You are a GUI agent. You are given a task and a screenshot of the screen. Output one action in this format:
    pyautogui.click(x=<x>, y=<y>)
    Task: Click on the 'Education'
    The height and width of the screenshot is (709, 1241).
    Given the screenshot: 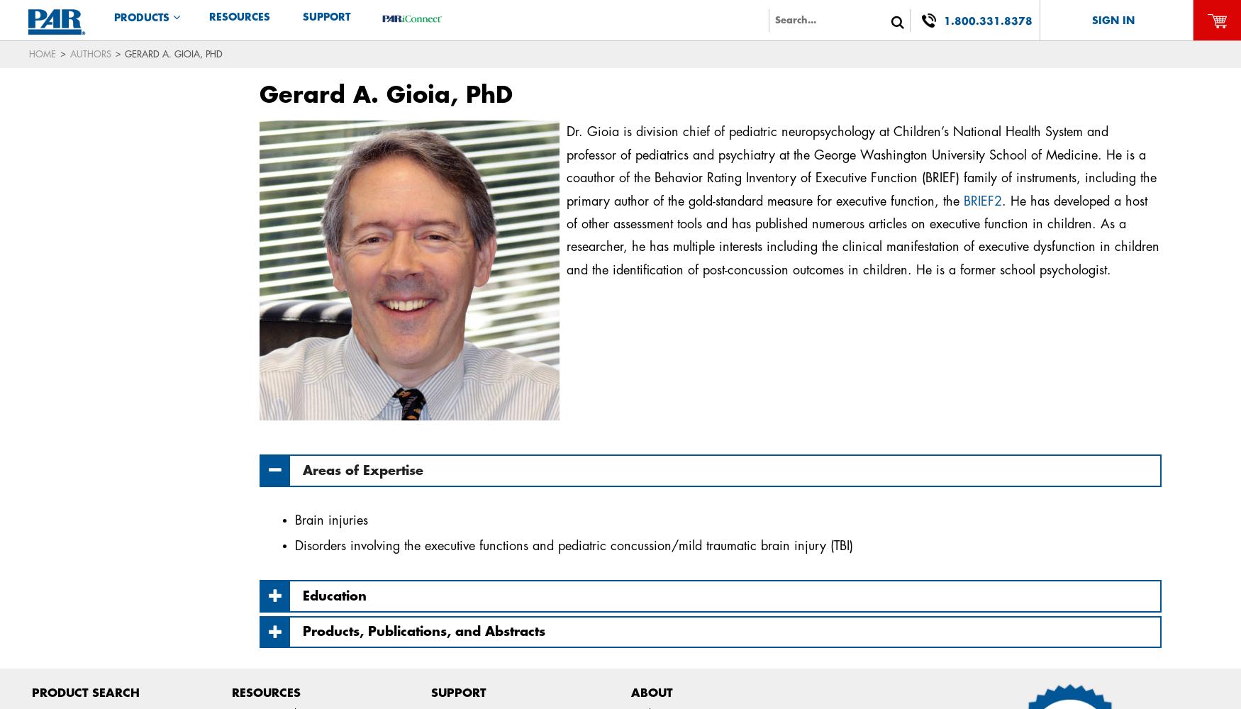 What is the action you would take?
    pyautogui.click(x=334, y=595)
    